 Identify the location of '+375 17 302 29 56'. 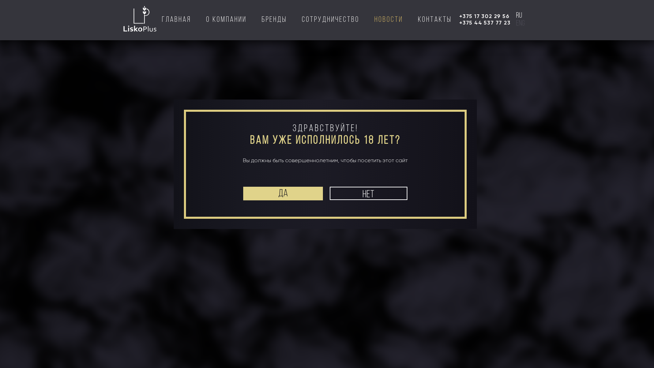
(484, 16).